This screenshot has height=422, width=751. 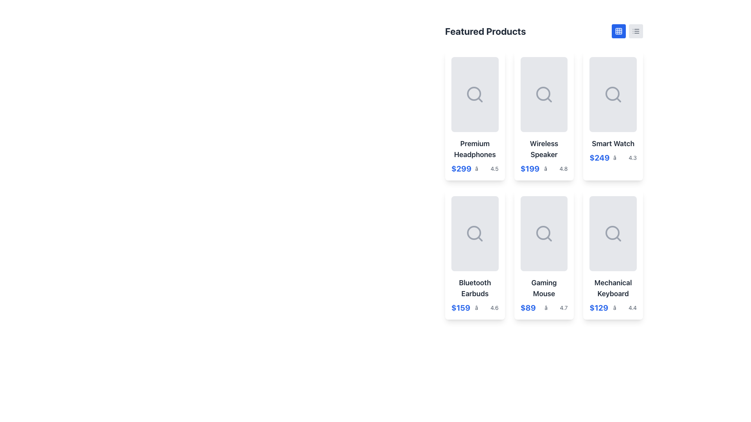 I want to click on the Text display showing the rating of the 'Gaming Mouse' product, which is located immediately to the right of the price '$89' within the product card, so click(x=555, y=307).